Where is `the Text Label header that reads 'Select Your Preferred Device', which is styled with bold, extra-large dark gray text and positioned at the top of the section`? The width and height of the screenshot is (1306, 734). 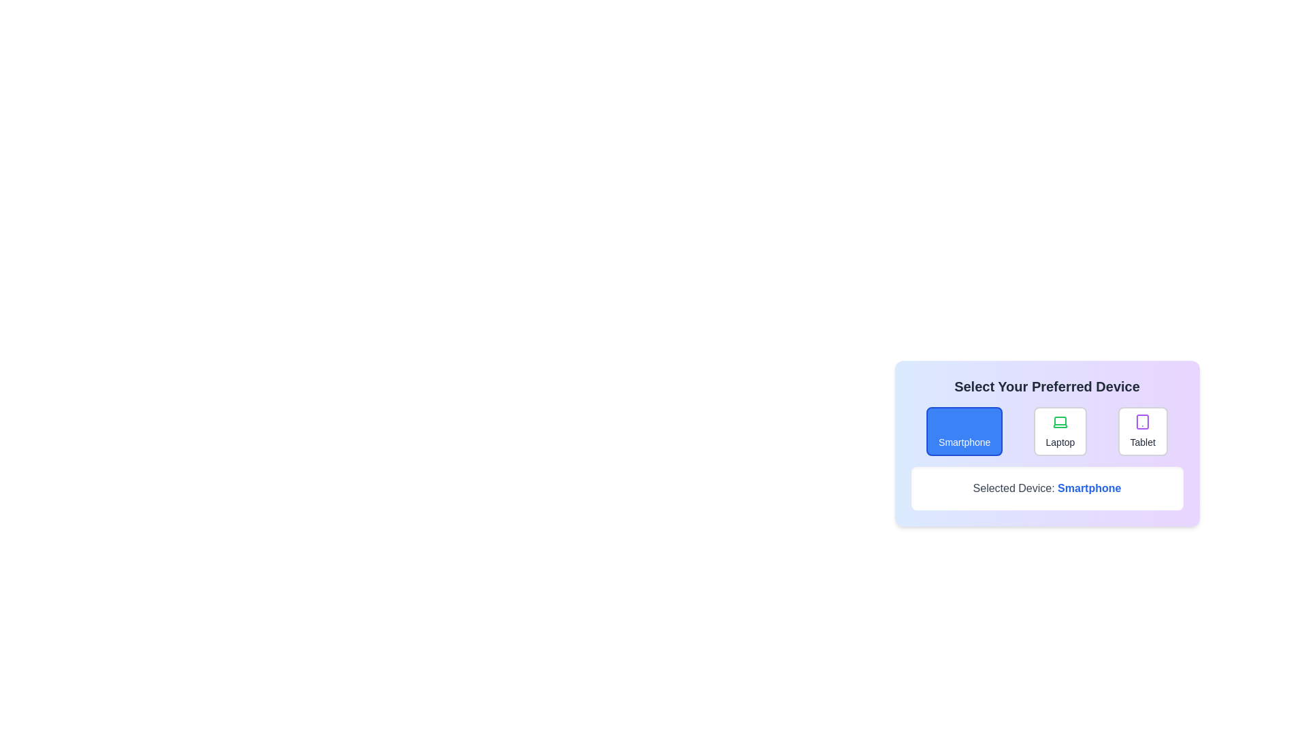 the Text Label header that reads 'Select Your Preferred Device', which is styled with bold, extra-large dark gray text and positioned at the top of the section is located at coordinates (1046, 387).